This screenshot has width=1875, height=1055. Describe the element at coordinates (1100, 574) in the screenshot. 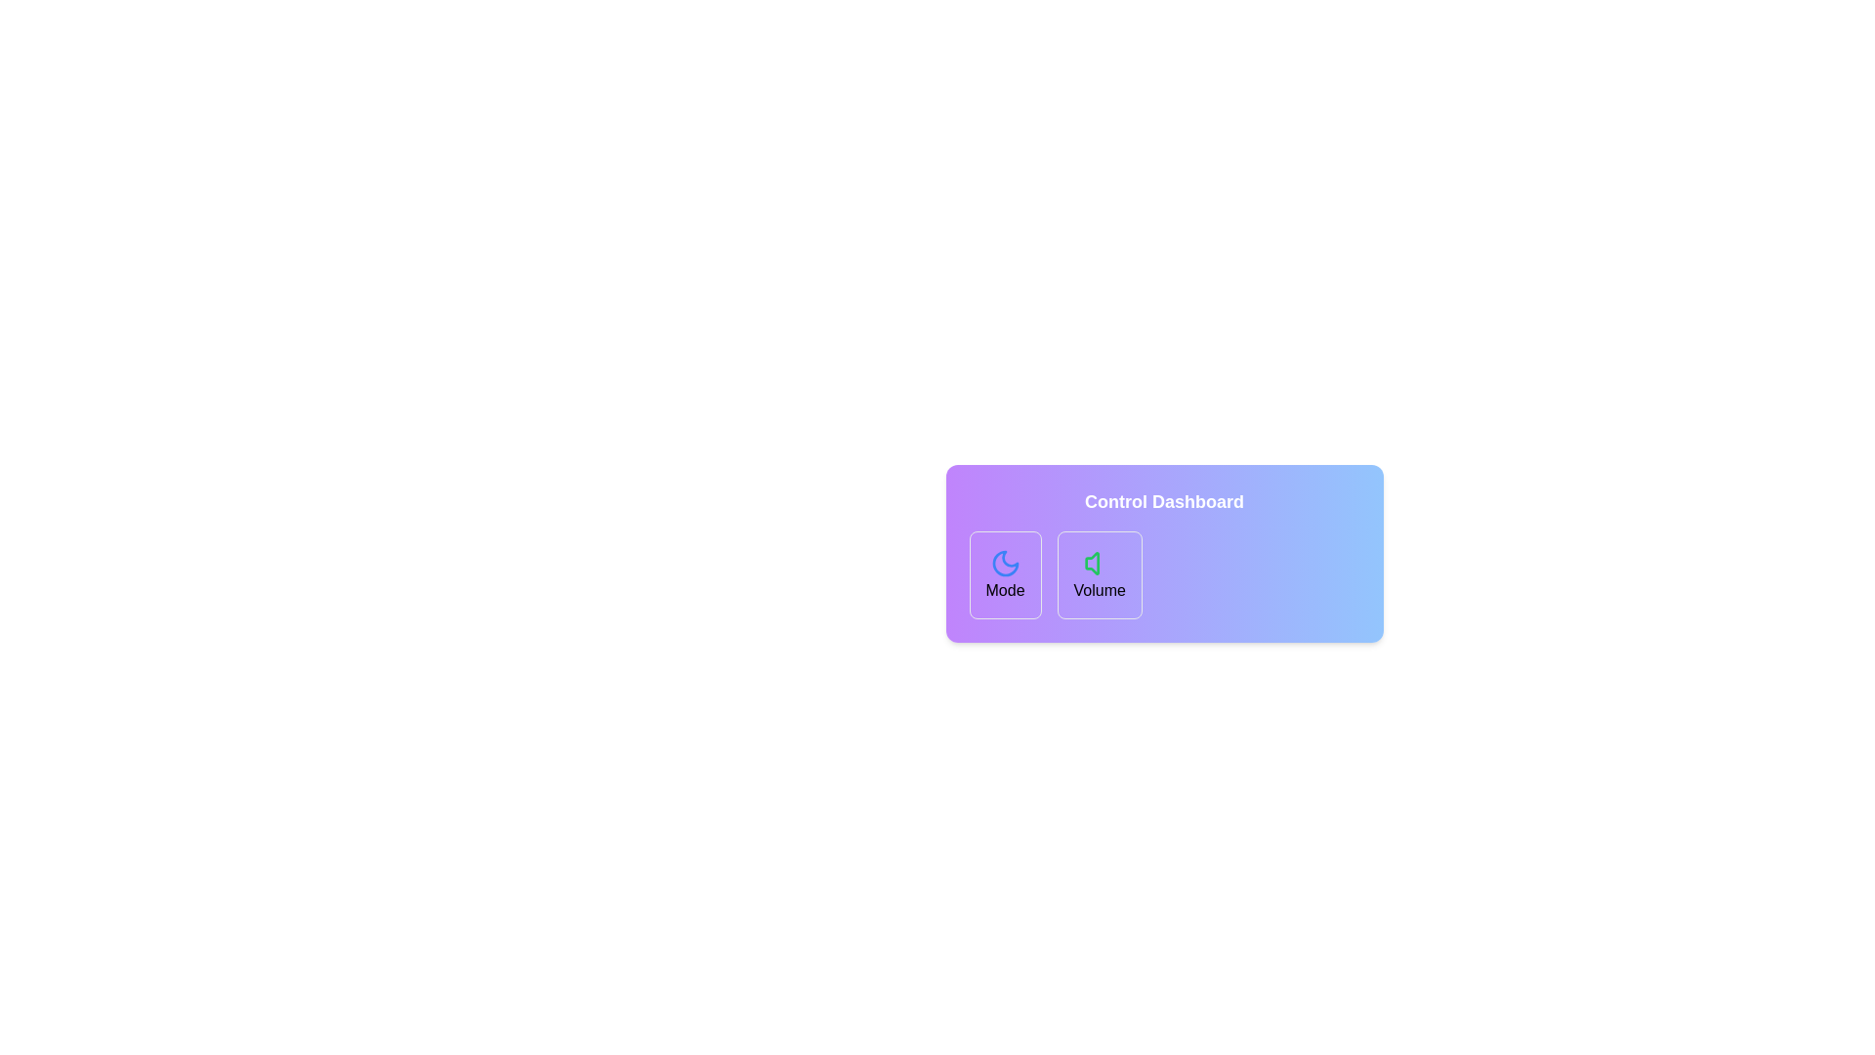

I see `the Volume button to toggle its state` at that location.